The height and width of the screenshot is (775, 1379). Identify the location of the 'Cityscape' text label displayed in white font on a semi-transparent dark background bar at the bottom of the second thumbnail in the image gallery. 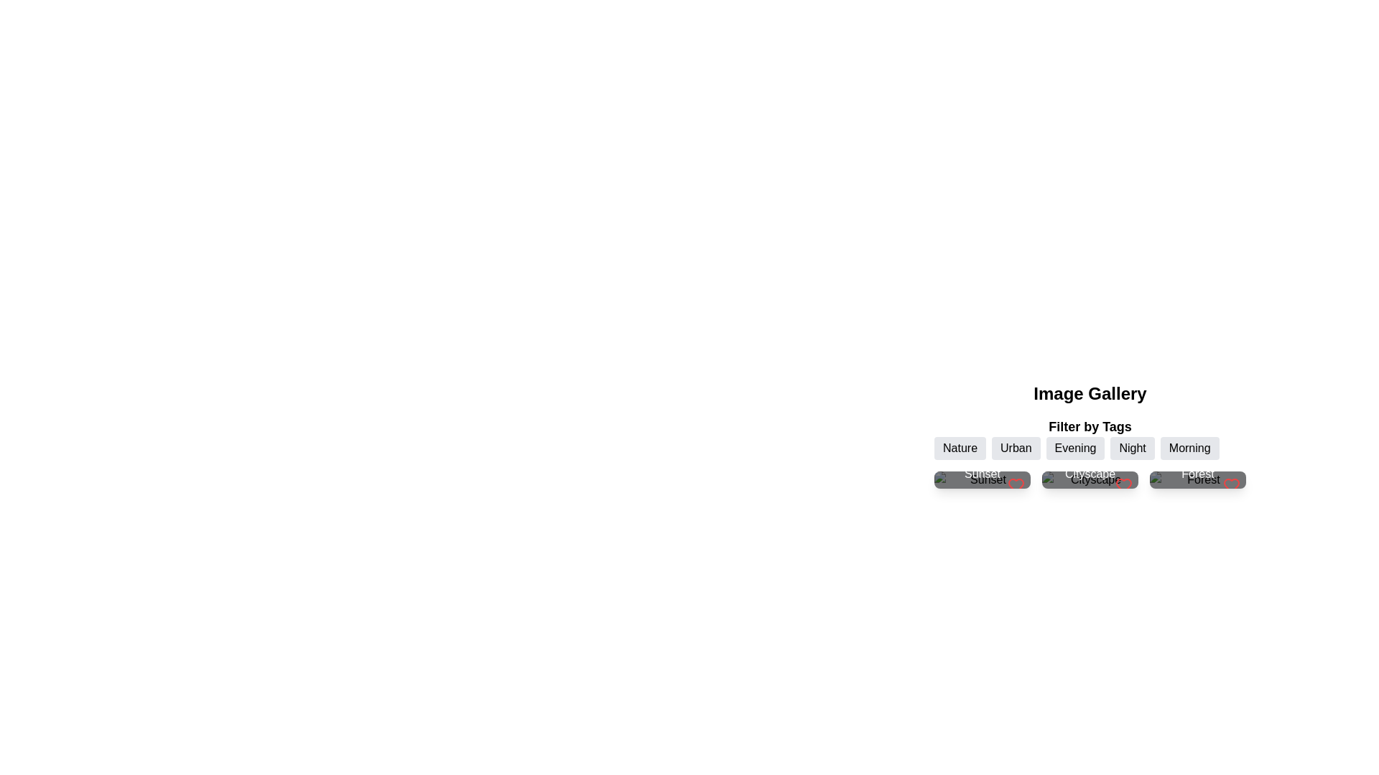
(1090, 474).